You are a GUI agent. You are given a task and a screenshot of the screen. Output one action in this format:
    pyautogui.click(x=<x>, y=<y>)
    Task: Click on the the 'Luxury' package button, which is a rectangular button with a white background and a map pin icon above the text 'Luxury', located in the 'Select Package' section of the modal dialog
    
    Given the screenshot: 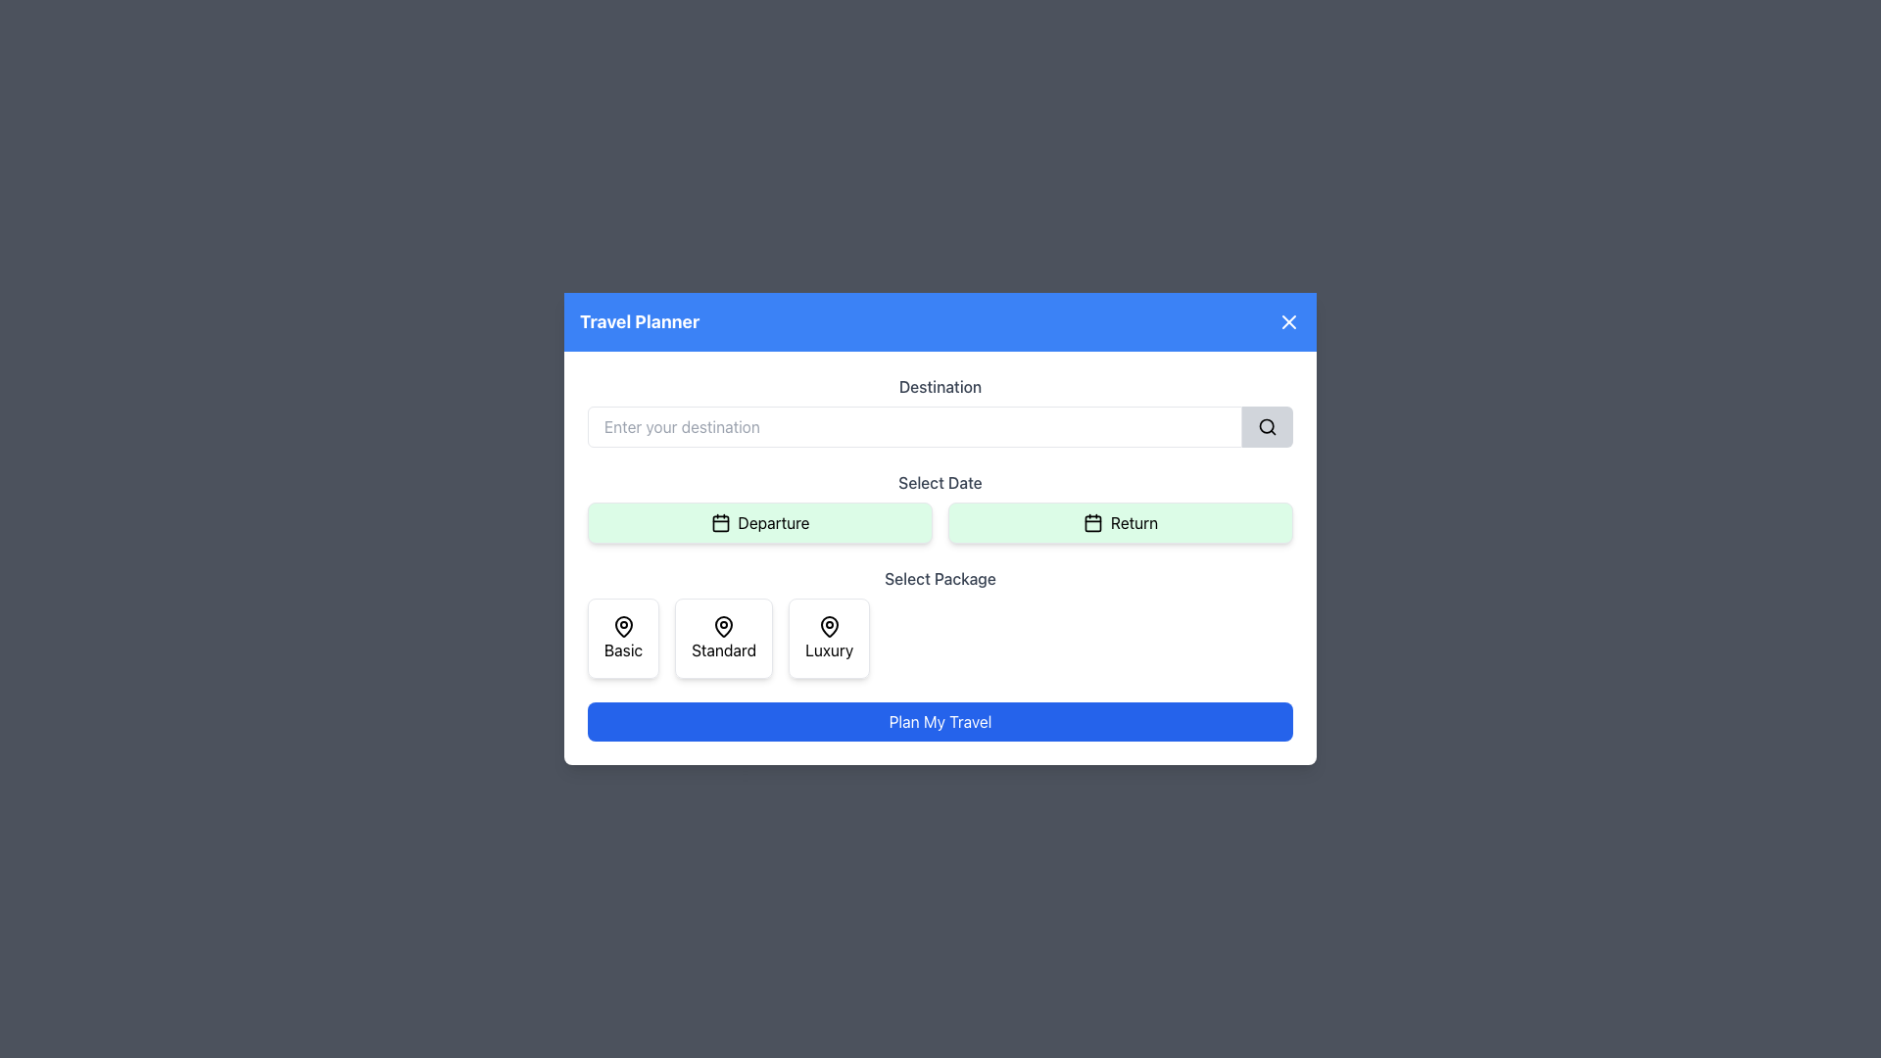 What is the action you would take?
    pyautogui.click(x=829, y=638)
    